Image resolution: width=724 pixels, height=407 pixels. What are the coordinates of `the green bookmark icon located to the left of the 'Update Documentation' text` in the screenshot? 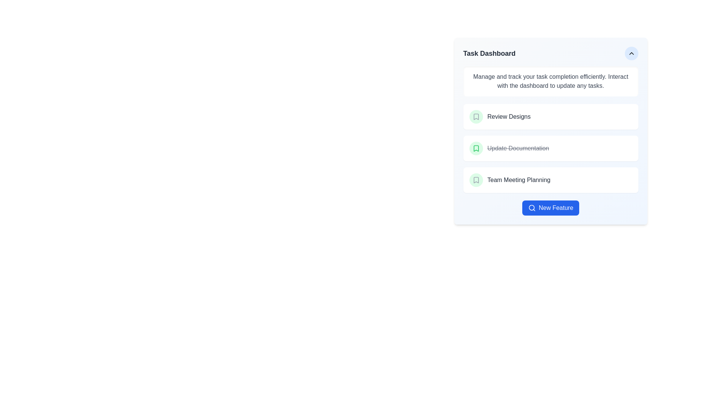 It's located at (476, 148).